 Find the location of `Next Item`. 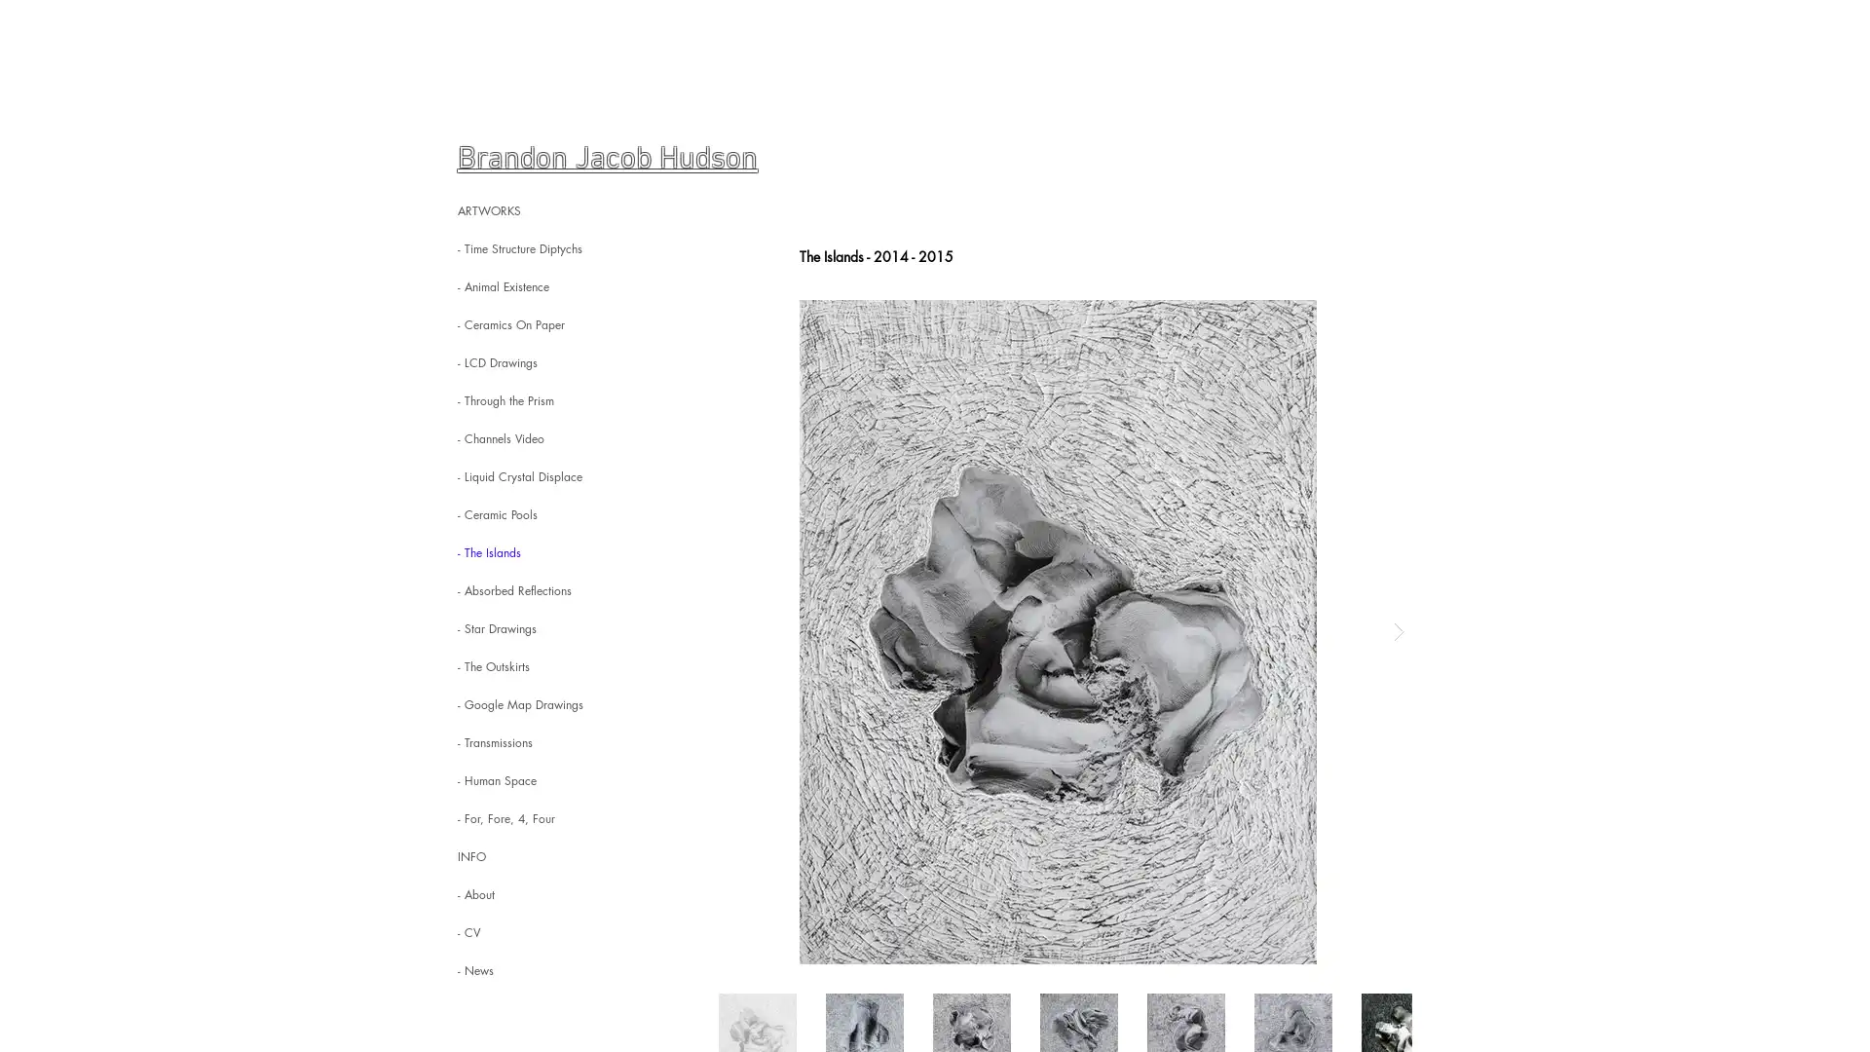

Next Item is located at coordinates (1397, 631).